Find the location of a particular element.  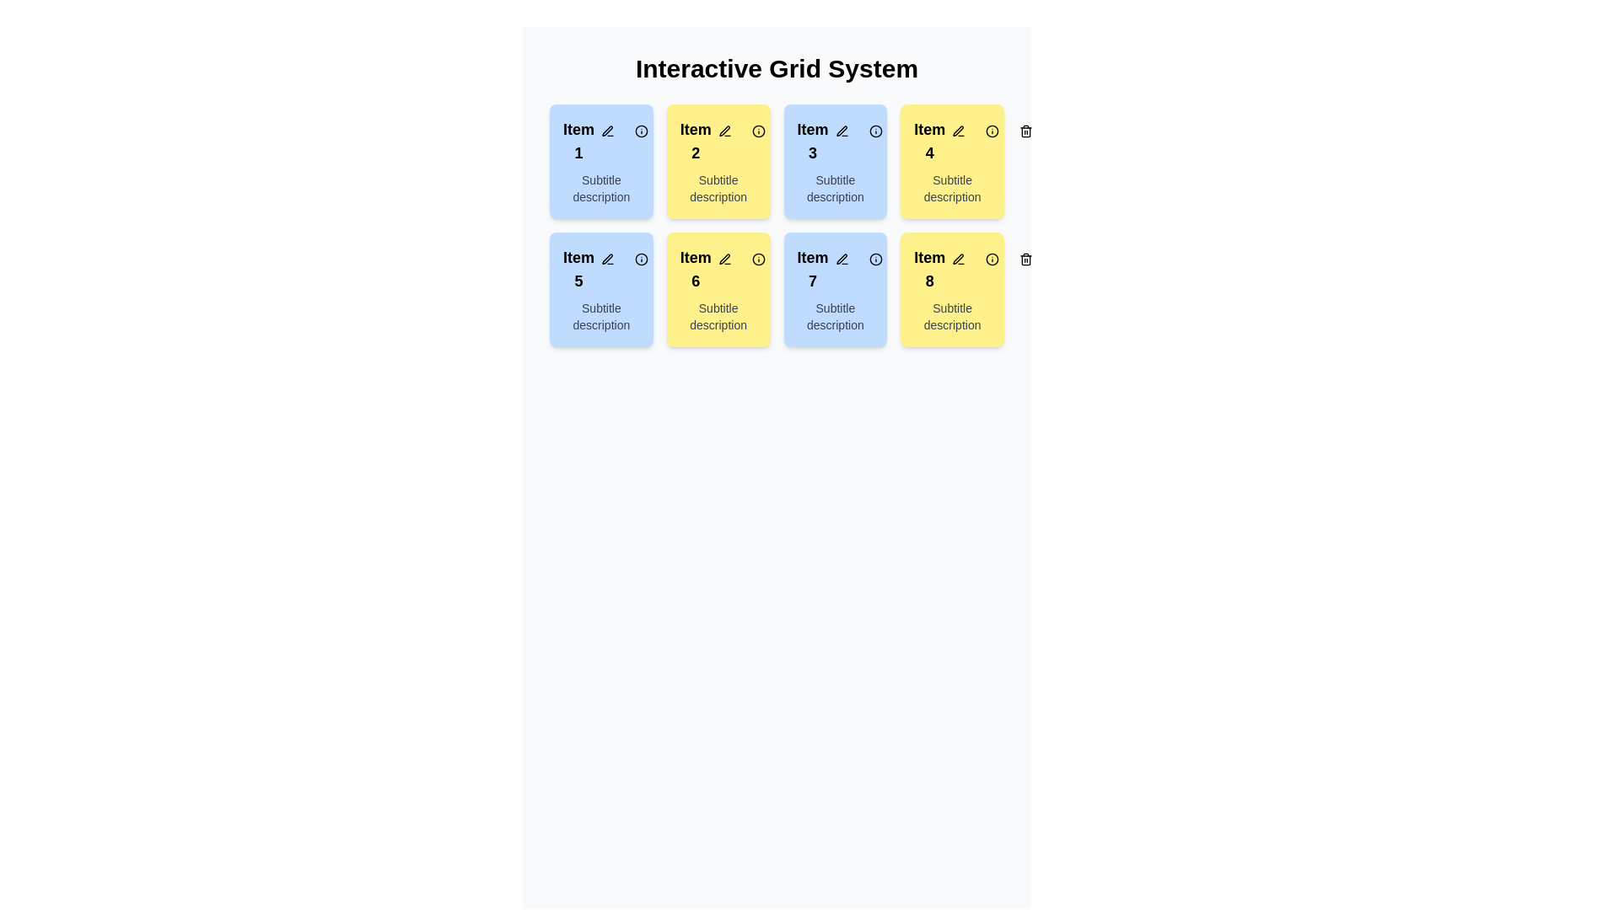

the interactive pen icon located in the tile labeled 'Item 3' to initiate editing is located at coordinates (842, 130).